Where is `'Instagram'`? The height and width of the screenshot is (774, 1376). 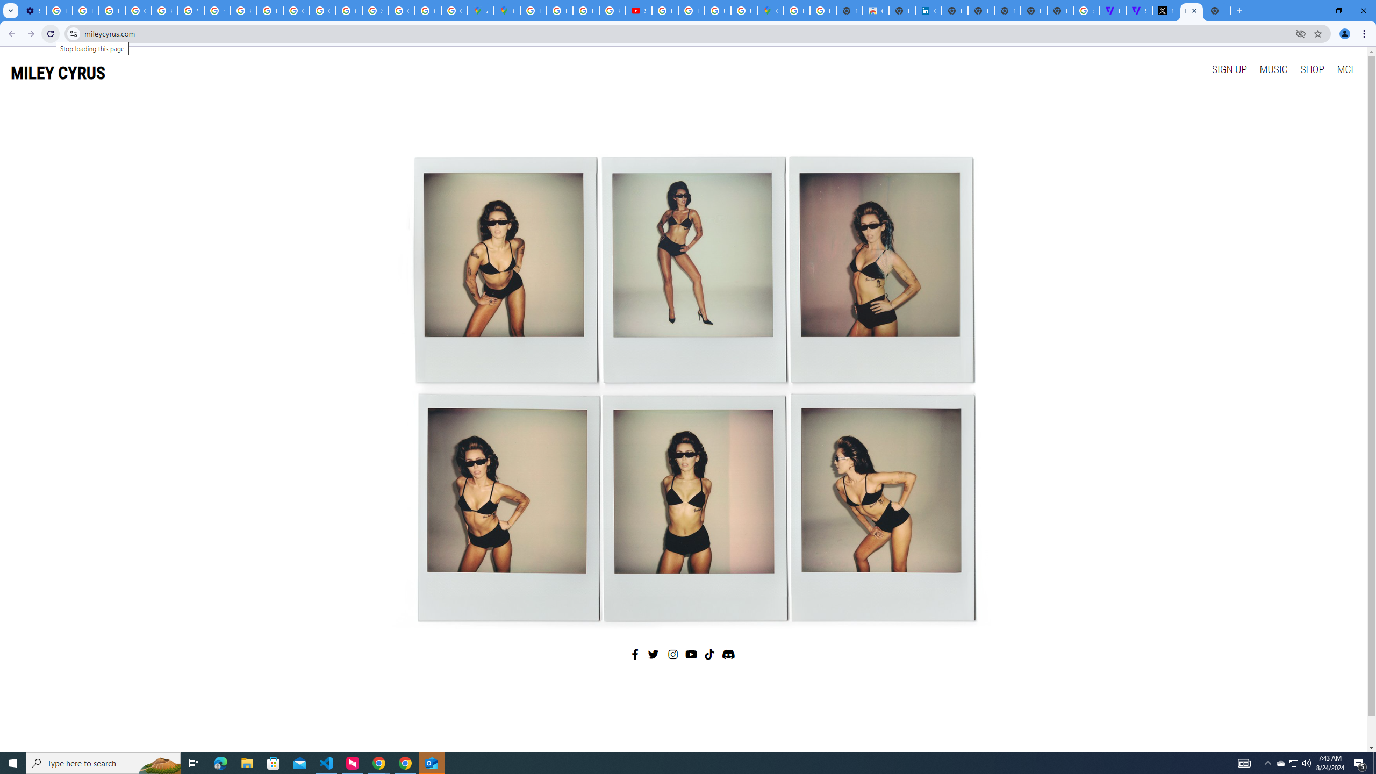
'Instagram' is located at coordinates (673, 654).